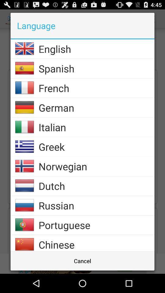 Image resolution: width=165 pixels, height=293 pixels. What do you see at coordinates (96, 49) in the screenshot?
I see `app above spanish icon` at bounding box center [96, 49].